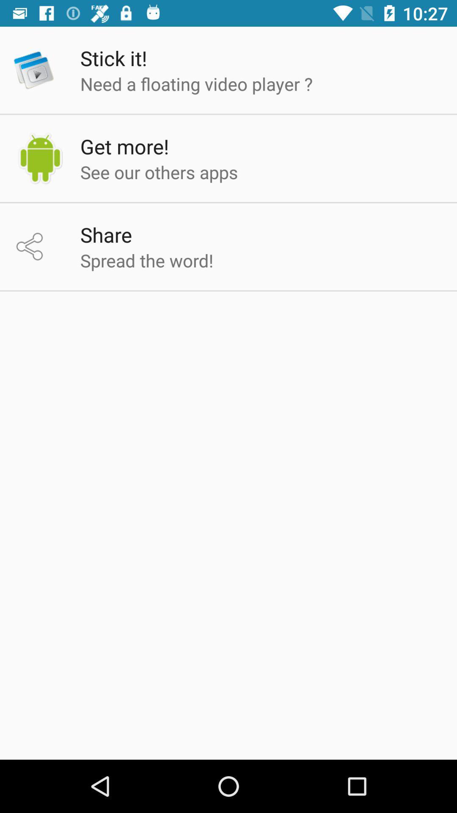 The width and height of the screenshot is (457, 813). I want to click on the share app, so click(105, 235).